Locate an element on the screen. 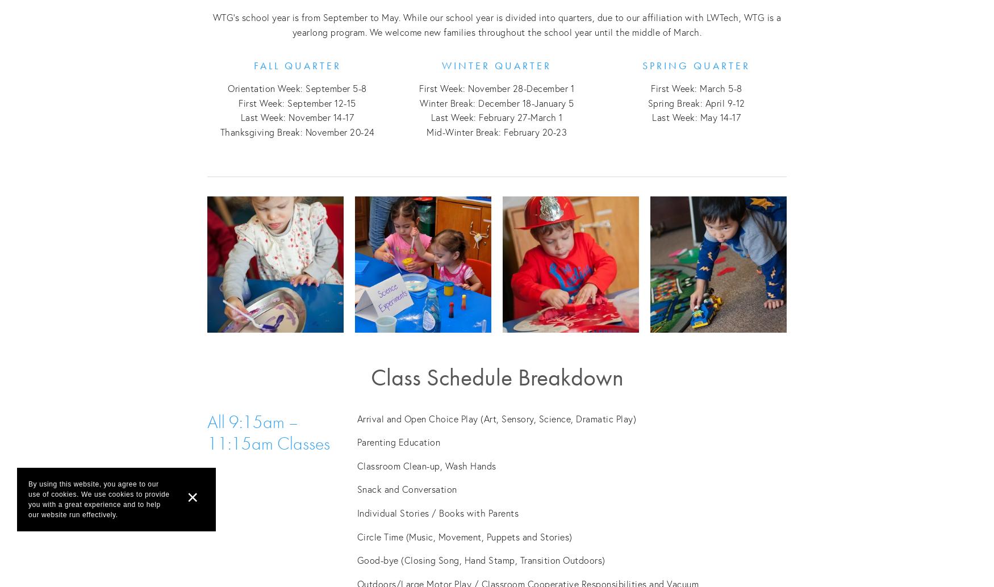 This screenshot has height=587, width=994. 'Spring Break: April 9-12' is located at coordinates (696, 102).